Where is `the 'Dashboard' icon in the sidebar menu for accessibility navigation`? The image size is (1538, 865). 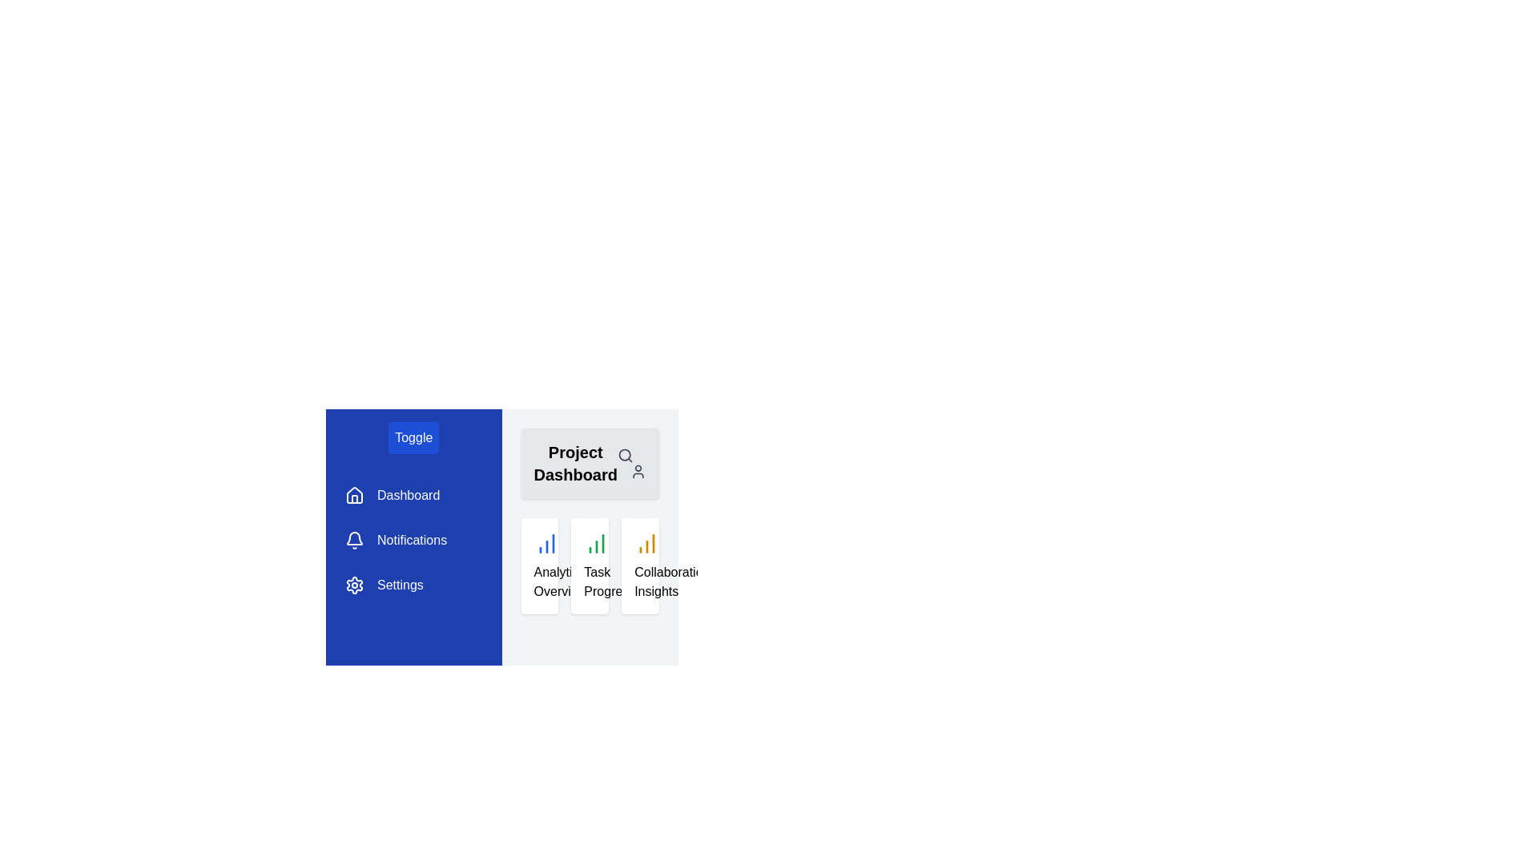
the 'Dashboard' icon in the sidebar menu for accessibility navigation is located at coordinates (353, 493).